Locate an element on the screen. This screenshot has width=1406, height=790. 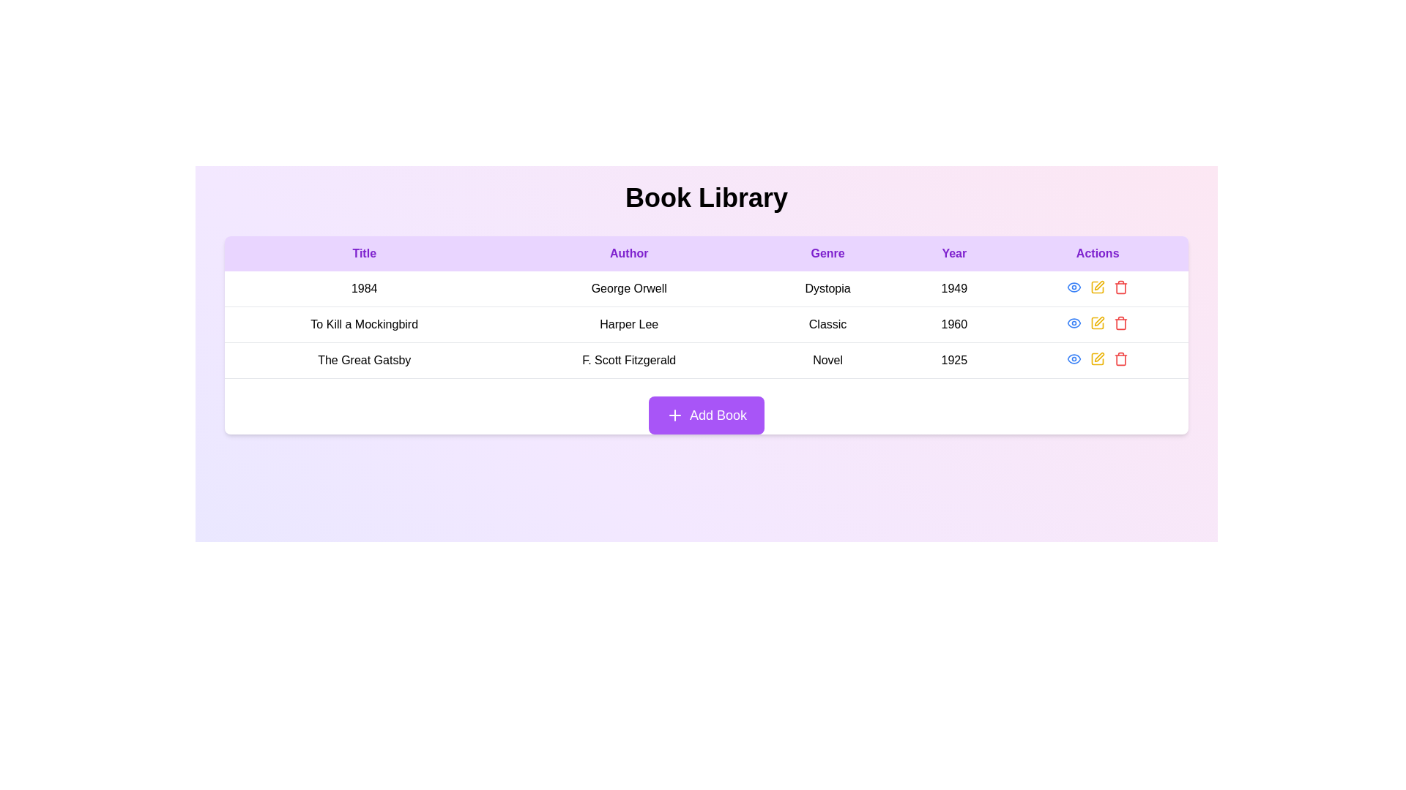
the text label indicating the title of the book '1984', which is the first cell under the 'Title' column is located at coordinates (364, 289).